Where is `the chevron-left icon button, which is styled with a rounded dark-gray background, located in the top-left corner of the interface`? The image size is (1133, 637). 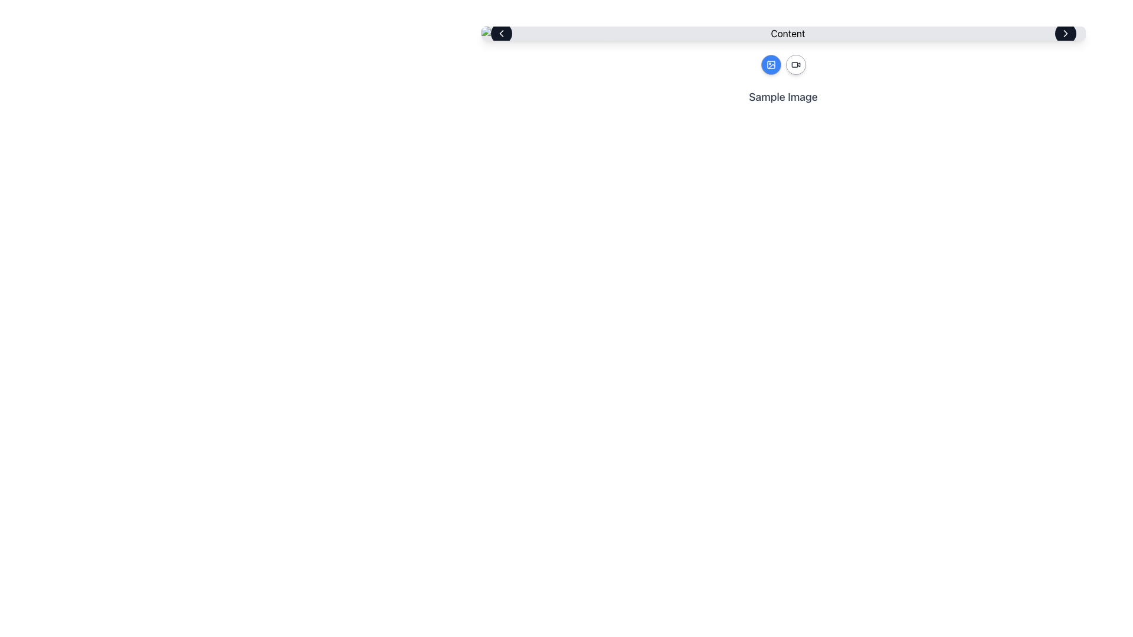 the chevron-left icon button, which is styled with a rounded dark-gray background, located in the top-left corner of the interface is located at coordinates (501, 33).